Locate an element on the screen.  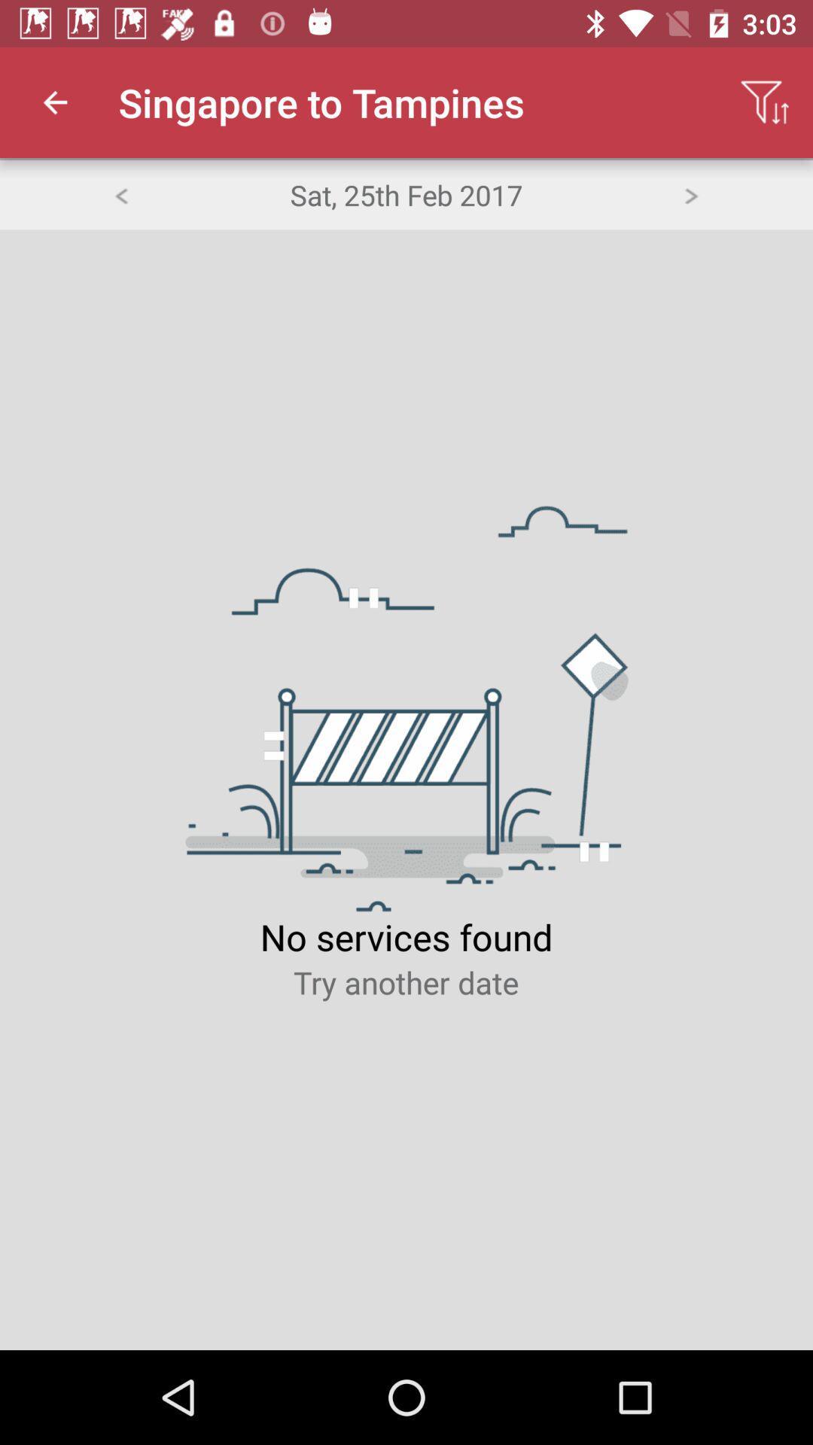
go back is located at coordinates (120, 193).